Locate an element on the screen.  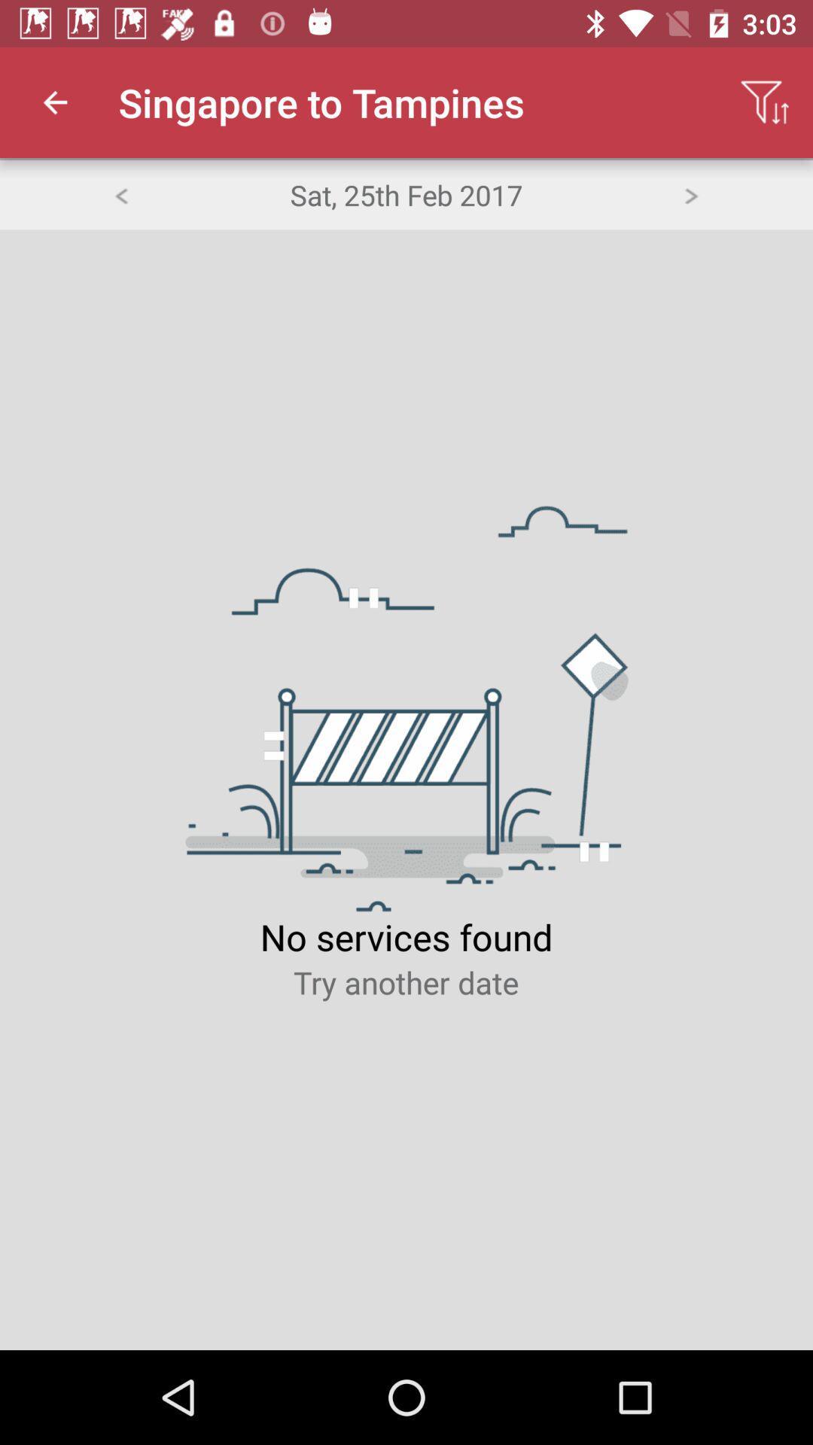
go back is located at coordinates (120, 193).